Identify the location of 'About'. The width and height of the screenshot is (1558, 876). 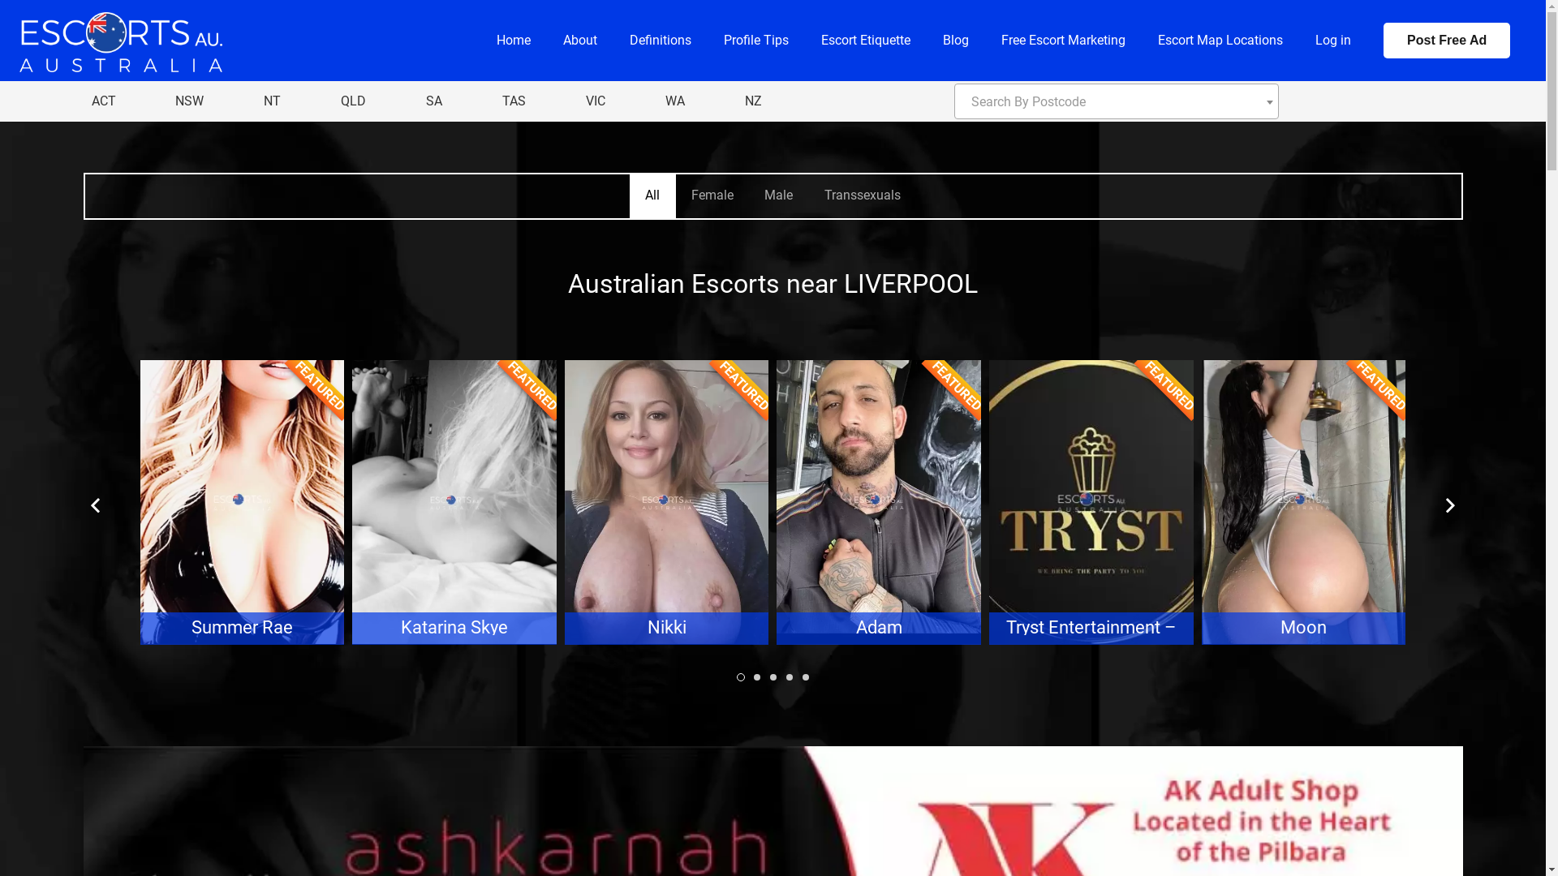
(580, 40).